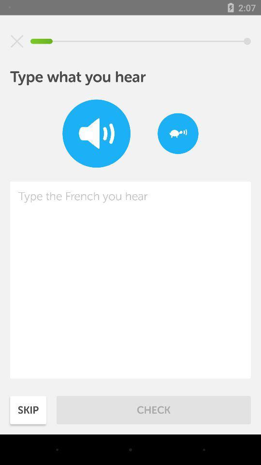  I want to click on item at the top right corner, so click(177, 133).